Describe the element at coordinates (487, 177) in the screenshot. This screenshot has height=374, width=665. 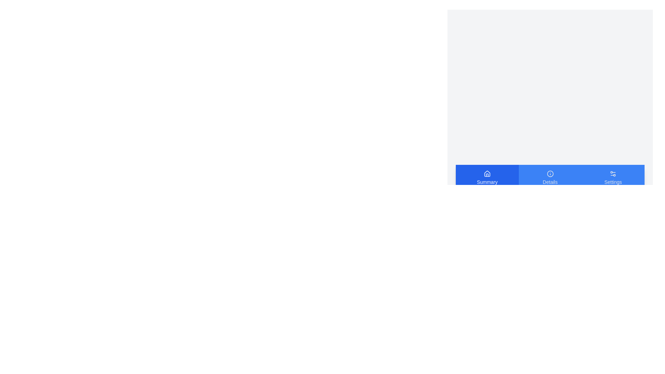
I see `the Summary tab` at that location.